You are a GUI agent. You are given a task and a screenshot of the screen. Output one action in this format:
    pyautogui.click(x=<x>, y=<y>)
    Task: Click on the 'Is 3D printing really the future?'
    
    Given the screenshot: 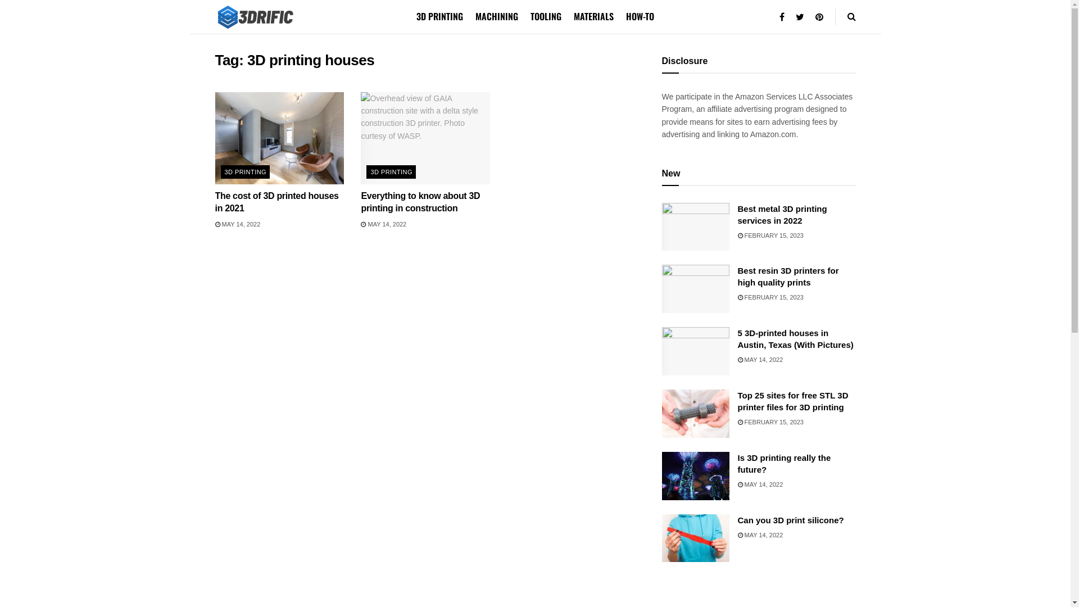 What is the action you would take?
    pyautogui.click(x=737, y=464)
    